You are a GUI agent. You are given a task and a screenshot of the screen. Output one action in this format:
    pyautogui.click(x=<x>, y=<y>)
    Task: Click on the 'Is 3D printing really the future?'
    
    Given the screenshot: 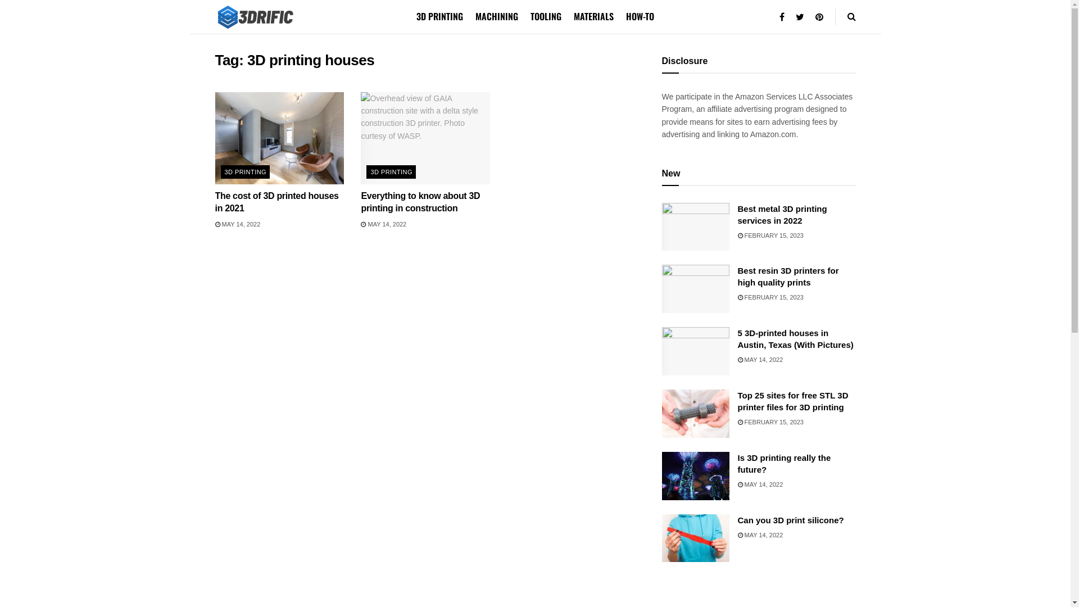 What is the action you would take?
    pyautogui.click(x=737, y=464)
    